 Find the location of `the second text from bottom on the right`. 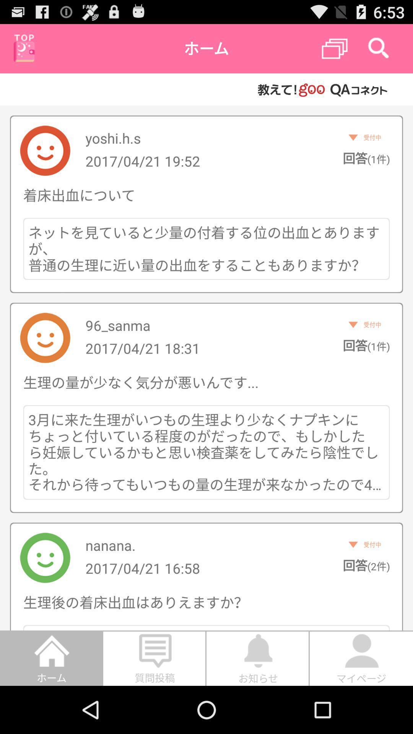

the second text from bottom on the right is located at coordinates (367, 544).